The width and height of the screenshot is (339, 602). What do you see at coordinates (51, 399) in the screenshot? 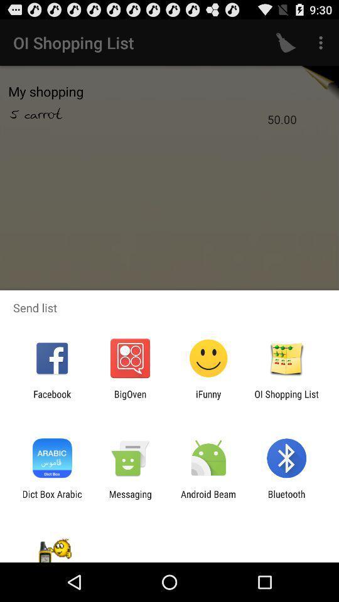
I see `the facebook` at bounding box center [51, 399].